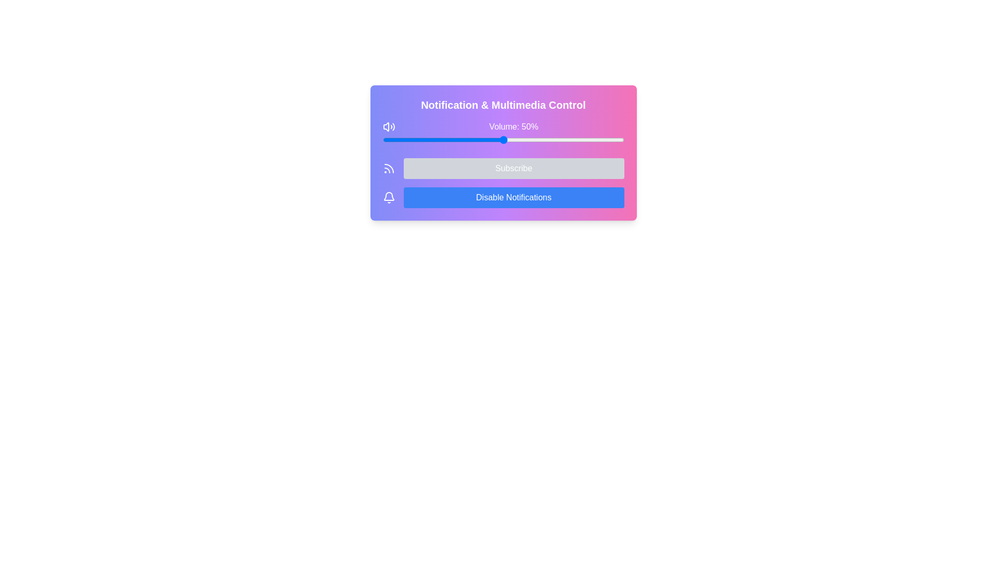  What do you see at coordinates (514, 168) in the screenshot?
I see `the 'Subscribe' button, which is a rectangular button with a gray background and white text, located in the middle section of a card-like interface, positioned to the right of an RSS feed icon` at bounding box center [514, 168].